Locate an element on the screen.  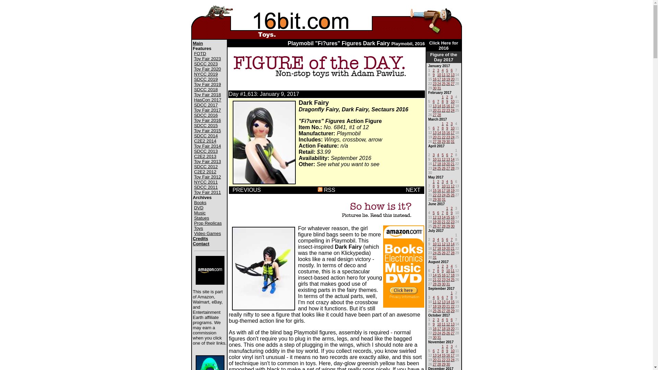
'17' is located at coordinates (439, 78).